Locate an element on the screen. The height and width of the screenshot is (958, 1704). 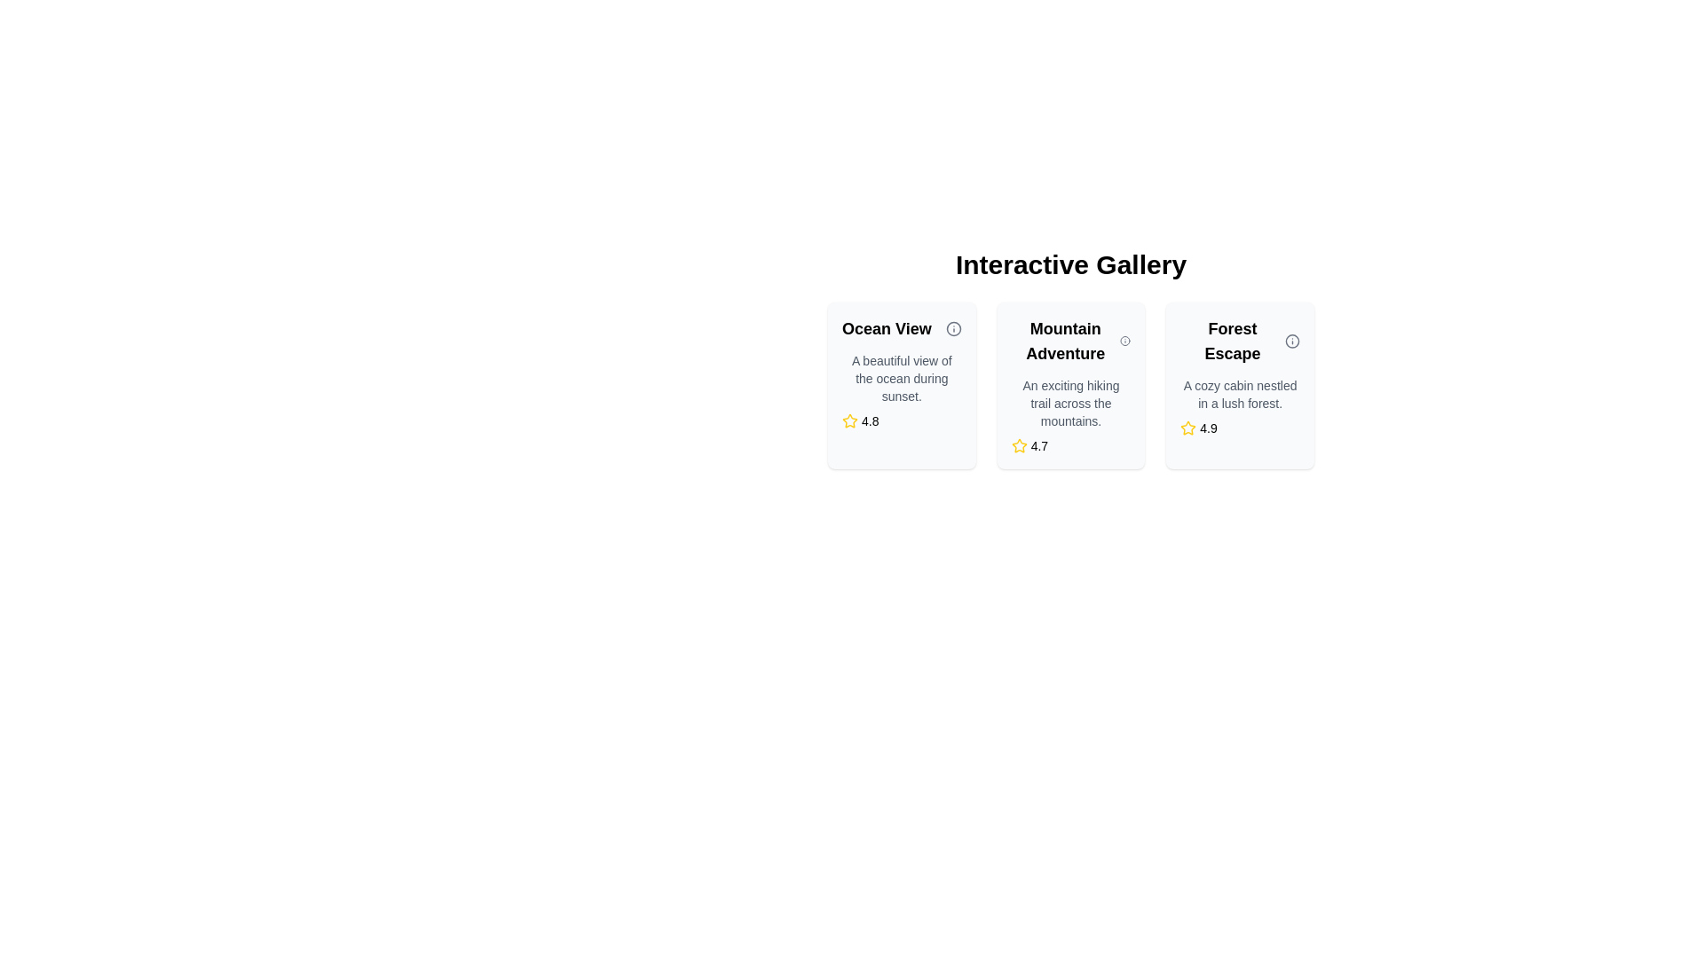
the star icon representing the rating for 'Ocean View', which is located to the left of the text '4.8' within the rating summary box is located at coordinates (849, 420).